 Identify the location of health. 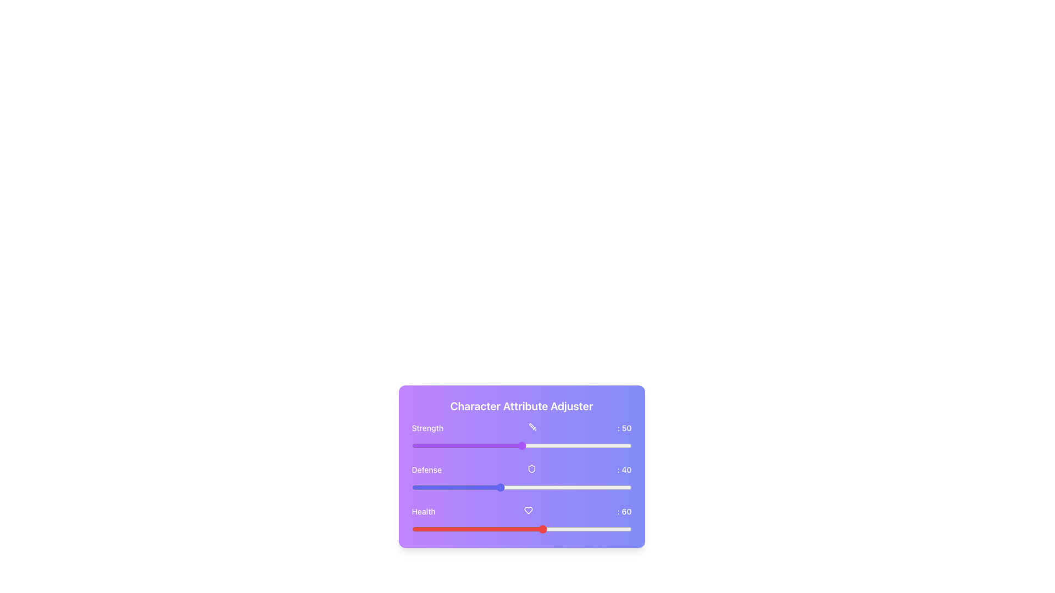
(623, 529).